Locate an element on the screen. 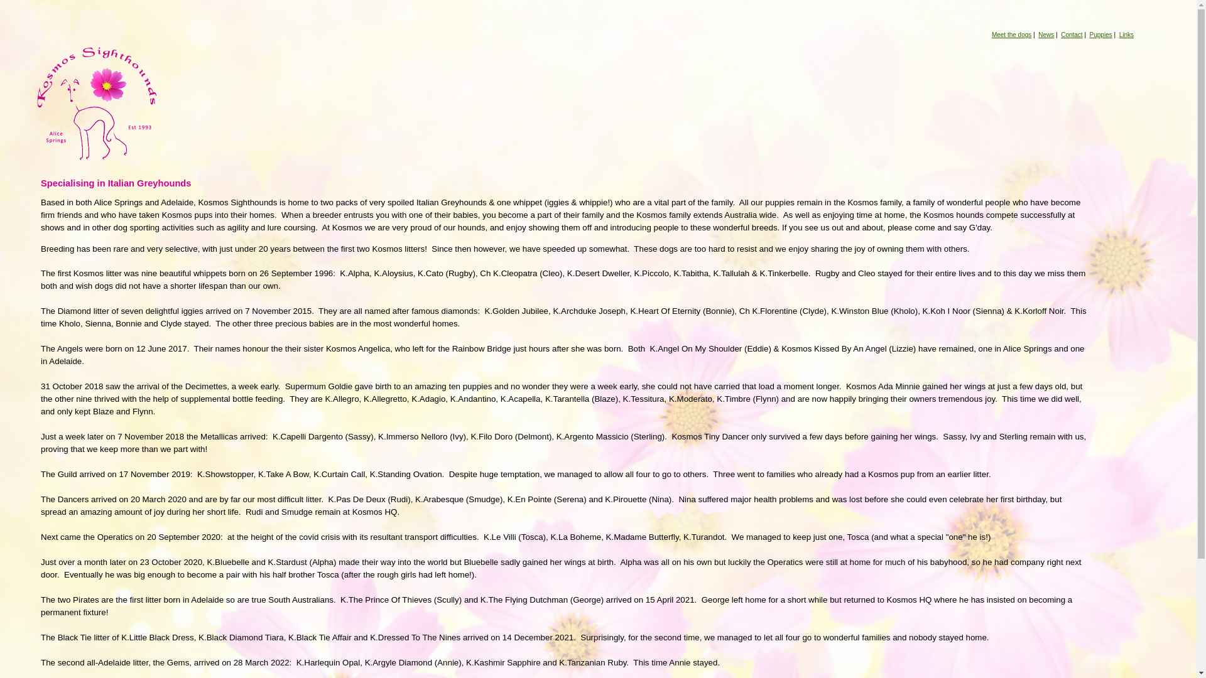  'Contact' is located at coordinates (1060, 34).